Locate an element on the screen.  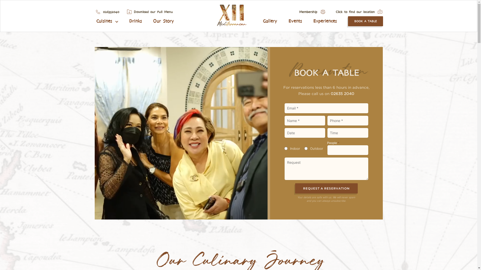
'Membership' is located at coordinates (308, 11).